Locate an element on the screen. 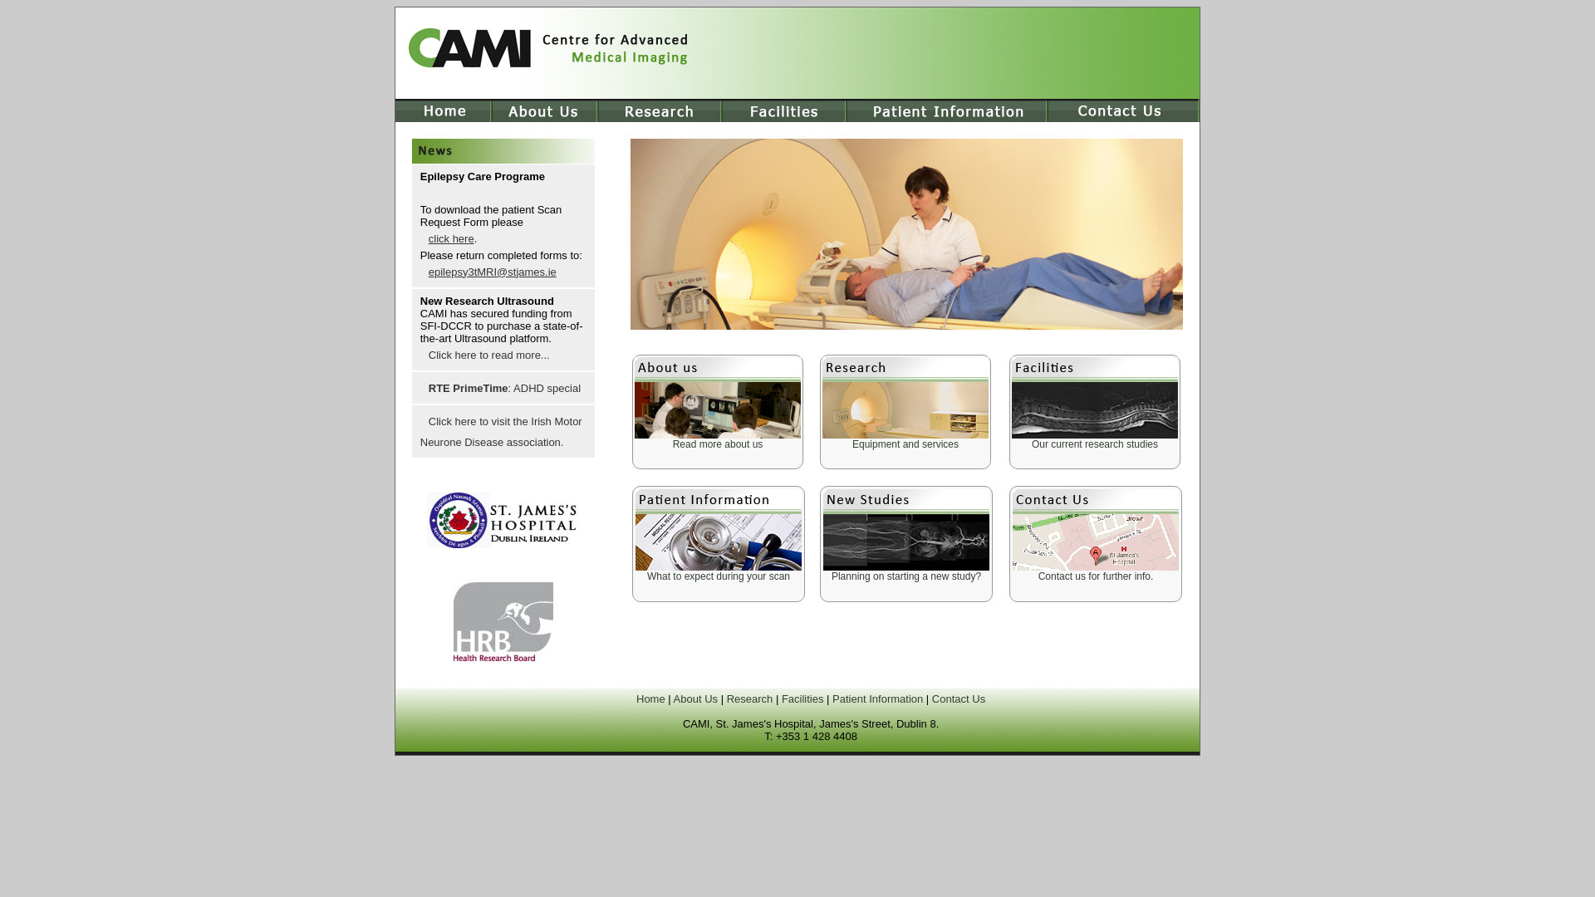 This screenshot has height=897, width=1595. 'Click here to read more...' is located at coordinates (503, 353).